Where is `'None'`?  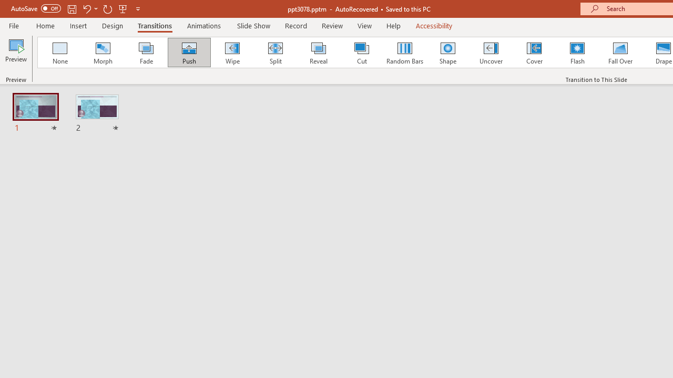
'None' is located at coordinates (59, 52).